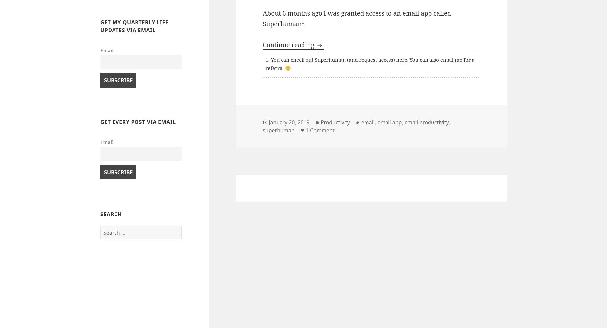 Image resolution: width=607 pixels, height=328 pixels. Describe the element at coordinates (367, 122) in the screenshot. I see `'email'` at that location.